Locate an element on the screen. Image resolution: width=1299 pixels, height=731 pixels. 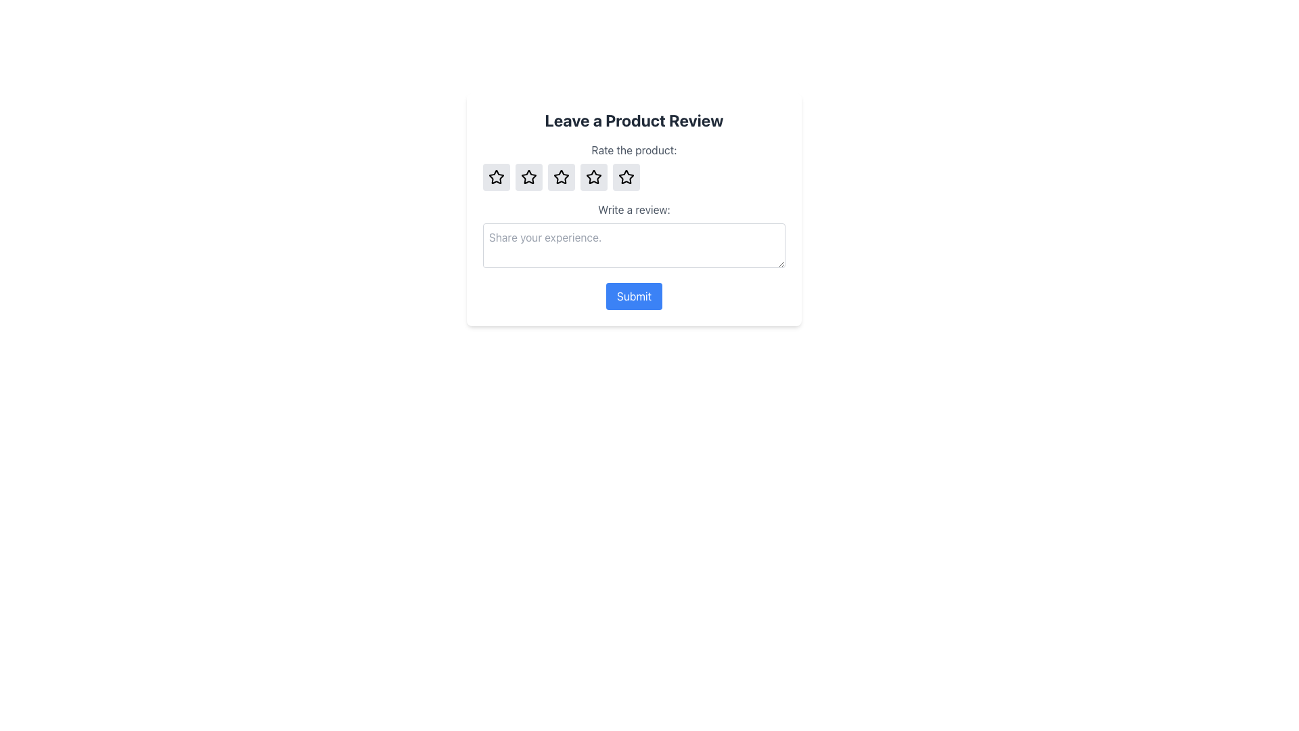
the fourth star icon is located at coordinates (633, 177).